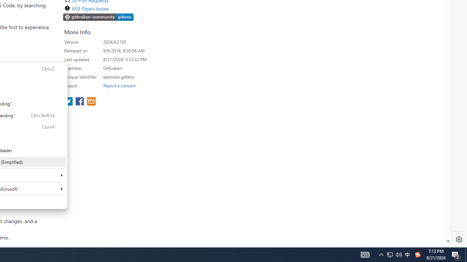 The height and width of the screenshot is (262, 467). I want to click on 'https://slack.gitkraken.com//', so click(98, 16).